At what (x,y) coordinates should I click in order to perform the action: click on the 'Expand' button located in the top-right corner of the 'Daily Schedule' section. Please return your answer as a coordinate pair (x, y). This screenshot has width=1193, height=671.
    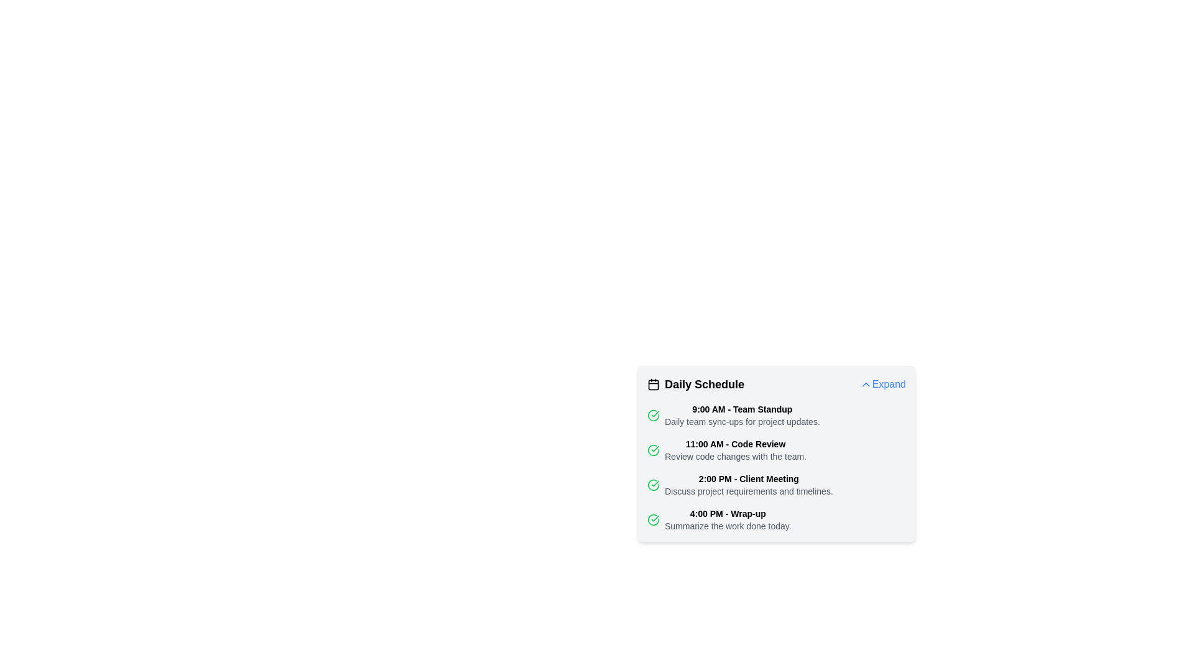
    Looking at the image, I should click on (882, 383).